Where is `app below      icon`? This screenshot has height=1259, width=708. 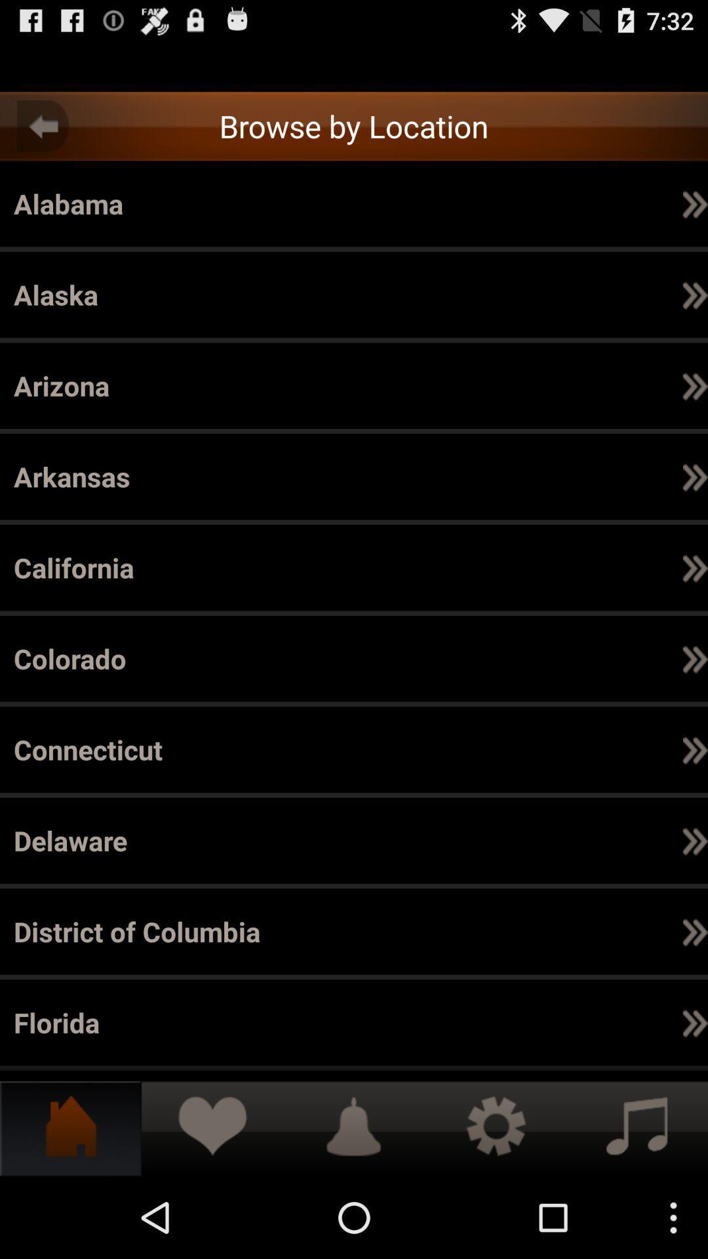
app below      icon is located at coordinates (694, 749).